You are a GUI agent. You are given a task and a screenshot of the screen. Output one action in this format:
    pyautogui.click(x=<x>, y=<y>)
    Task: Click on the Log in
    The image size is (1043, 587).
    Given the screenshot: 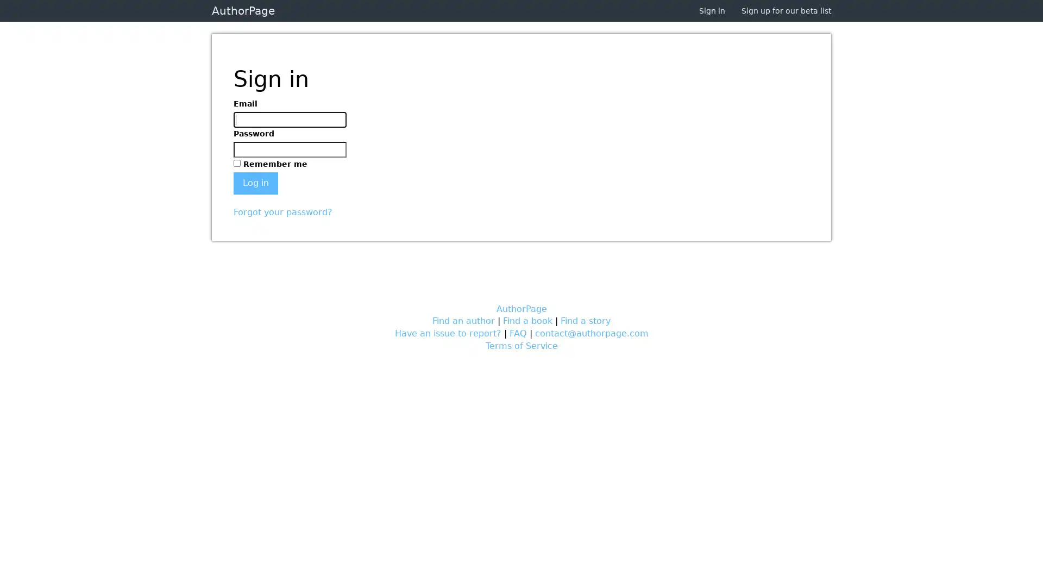 What is the action you would take?
    pyautogui.click(x=255, y=182)
    